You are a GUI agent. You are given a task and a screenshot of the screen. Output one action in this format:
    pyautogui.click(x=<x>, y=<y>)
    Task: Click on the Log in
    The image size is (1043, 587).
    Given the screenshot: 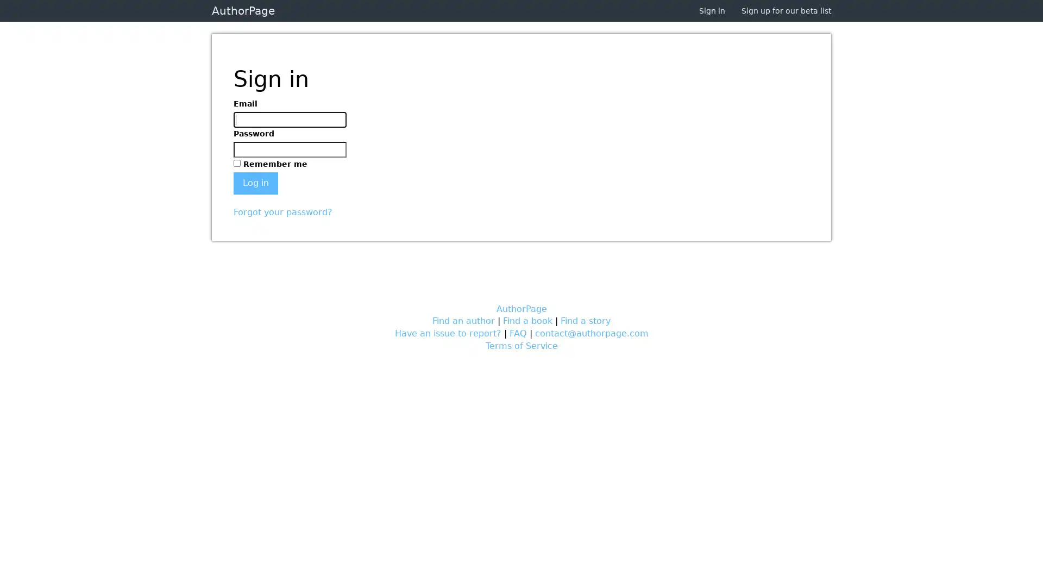 What is the action you would take?
    pyautogui.click(x=255, y=182)
    